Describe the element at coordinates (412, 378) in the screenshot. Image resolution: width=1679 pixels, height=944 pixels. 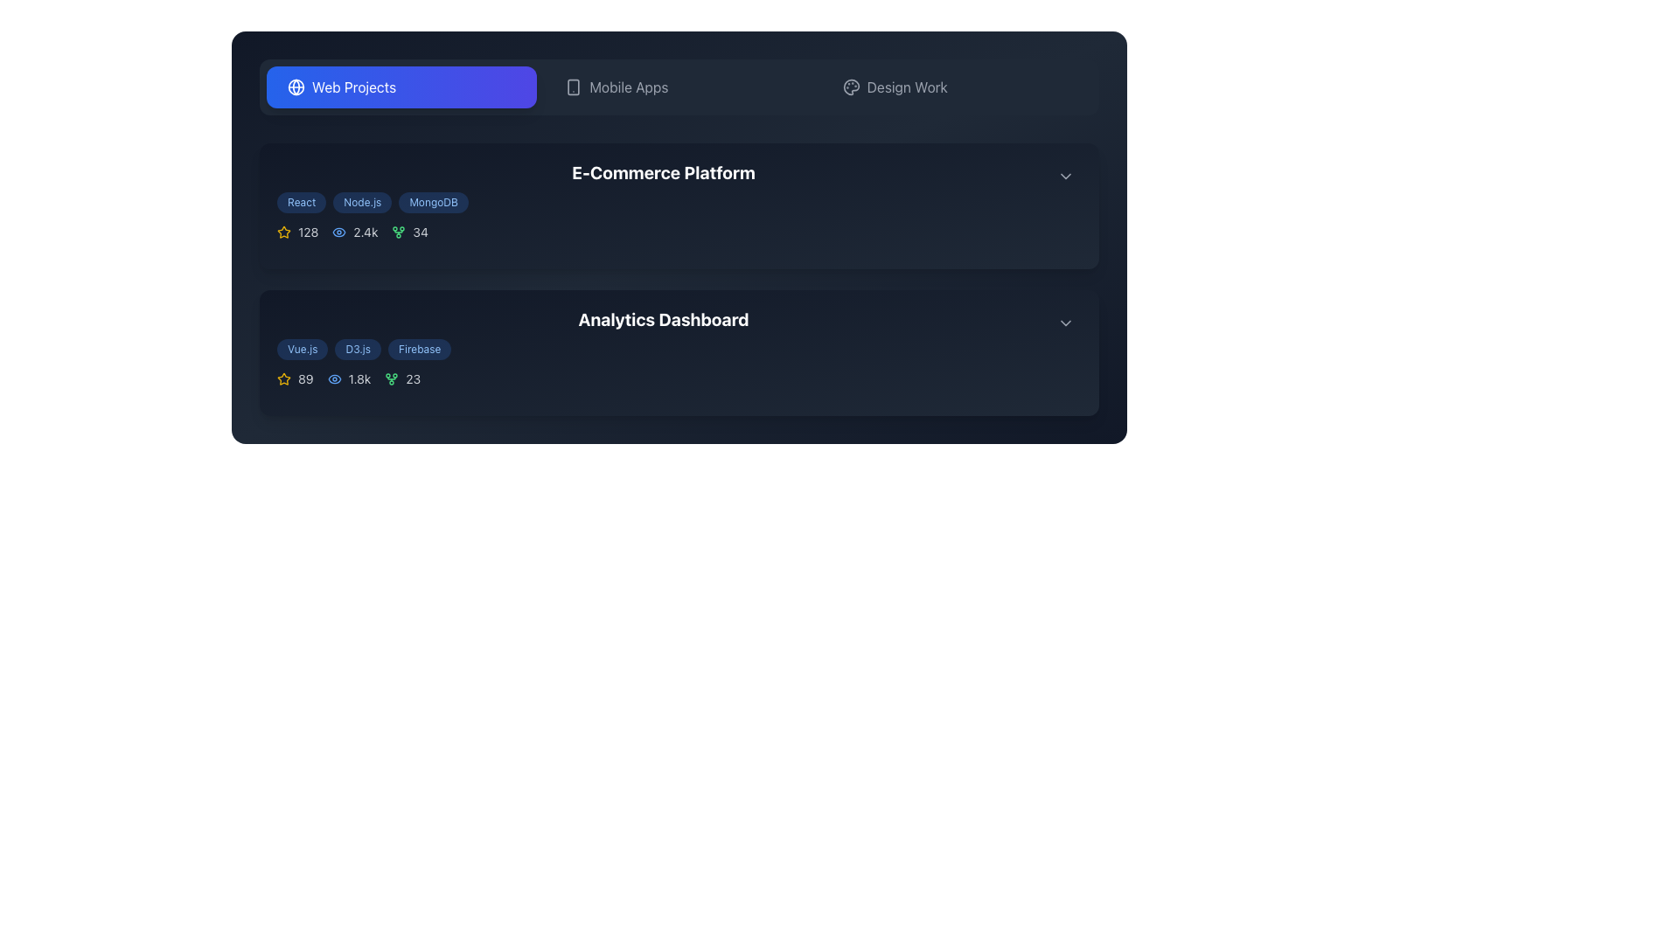
I see `the numeric text display '23' styled in gray on the dark background, located at the bottom of the 'Analytics Dashboard' section` at that location.